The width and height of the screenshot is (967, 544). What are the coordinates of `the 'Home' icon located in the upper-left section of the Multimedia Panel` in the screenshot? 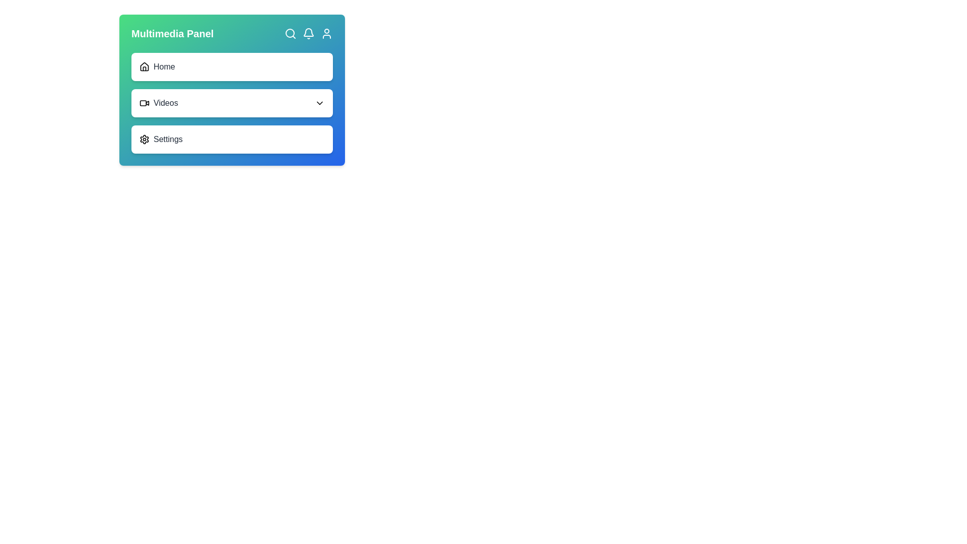 It's located at (144, 66).